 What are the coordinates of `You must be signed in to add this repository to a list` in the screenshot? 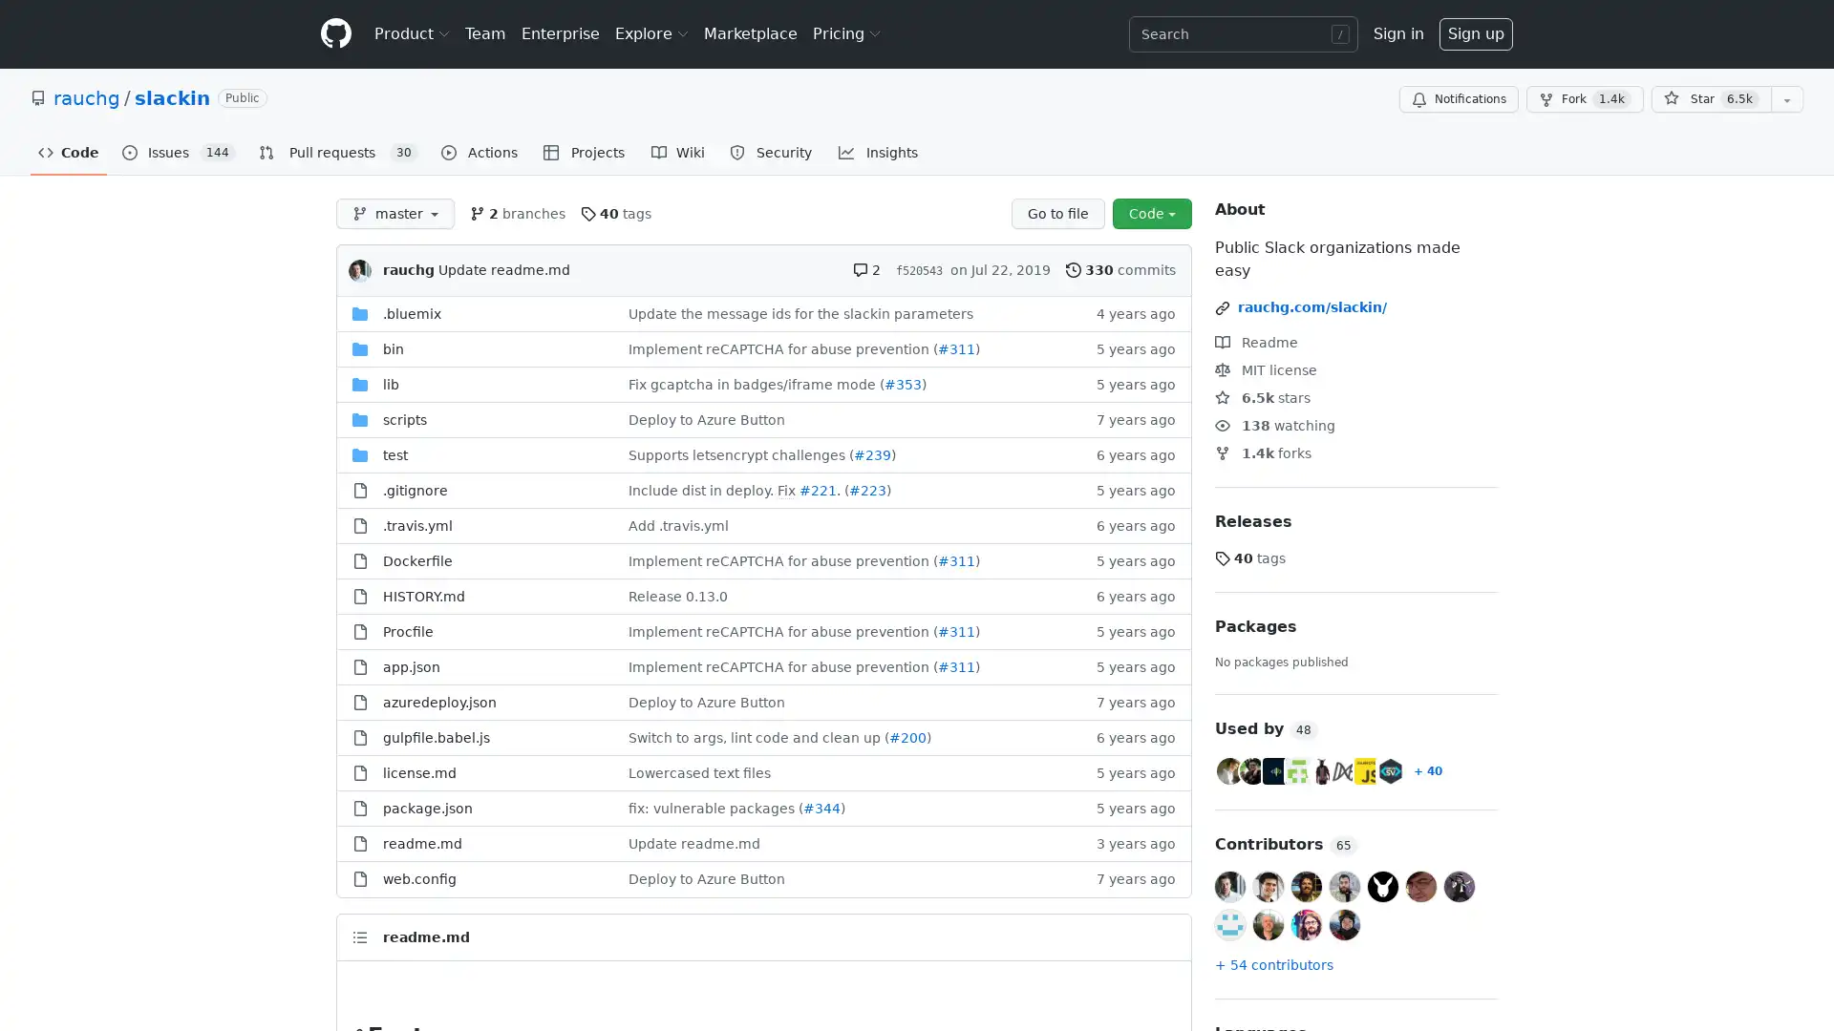 It's located at (1786, 99).